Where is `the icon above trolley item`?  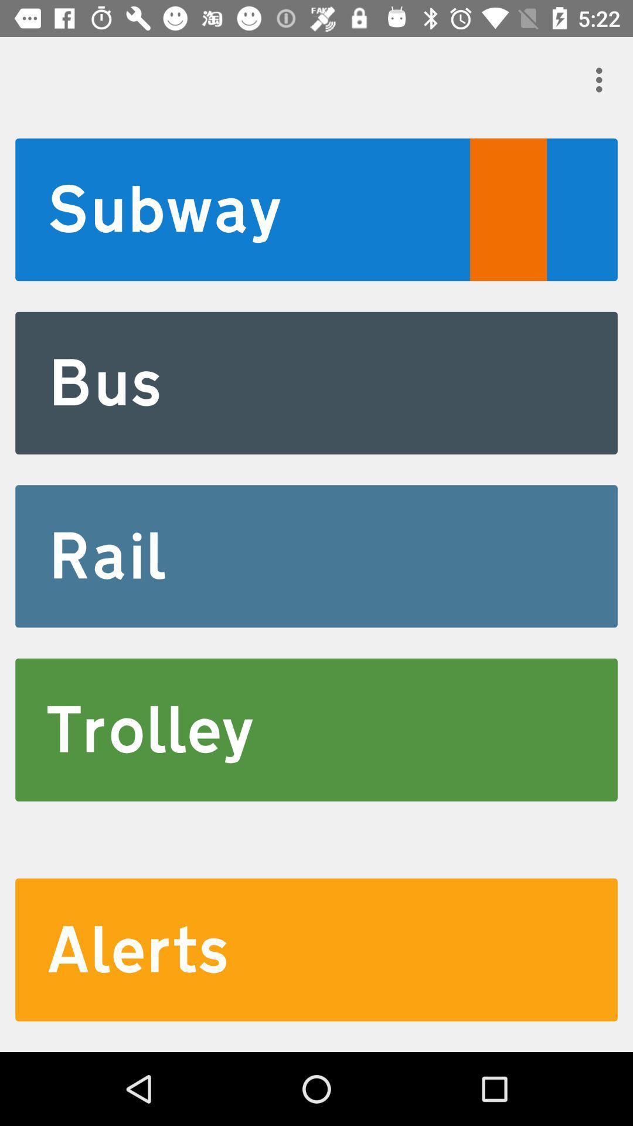
the icon above trolley item is located at coordinates (316, 555).